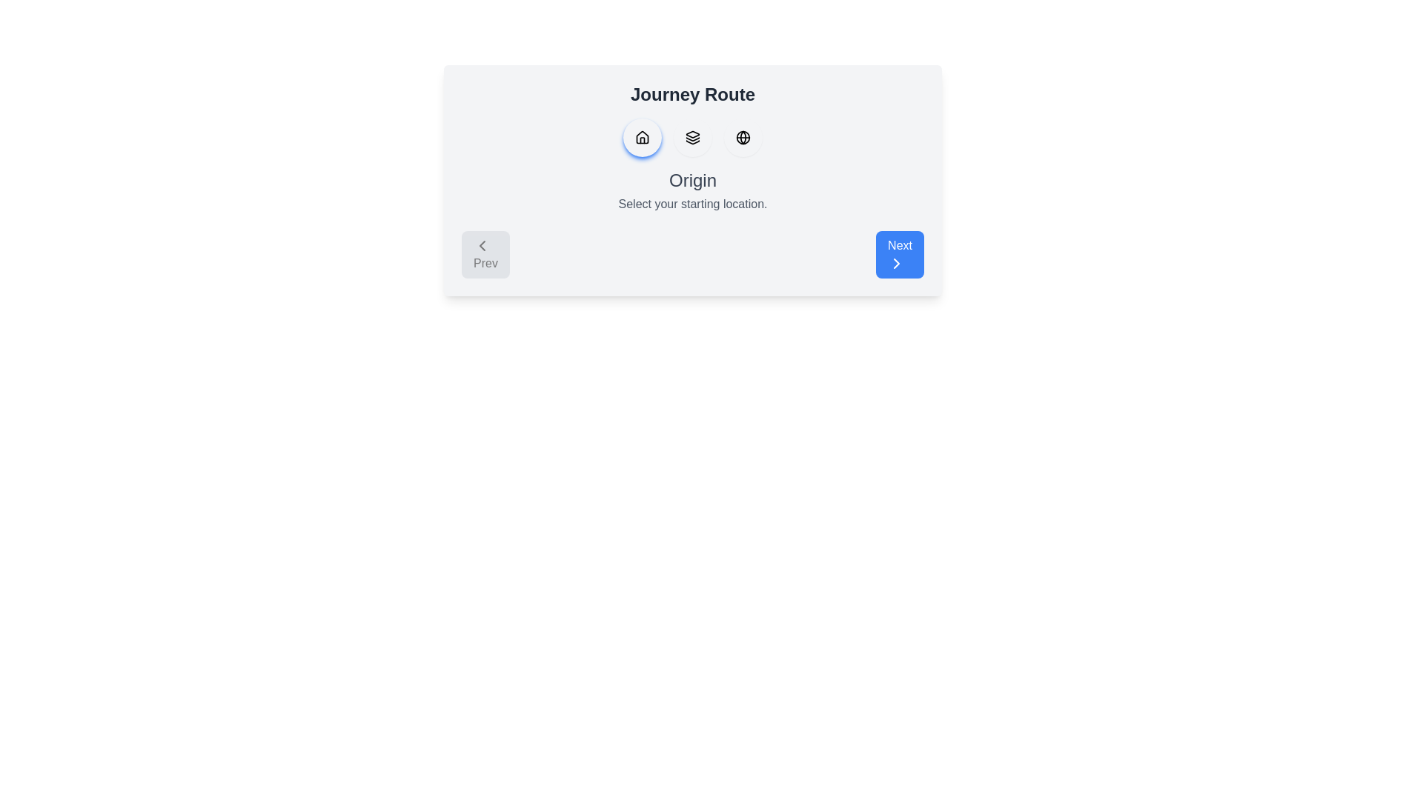 Image resolution: width=1423 pixels, height=800 pixels. Describe the element at coordinates (896, 262) in the screenshot. I see `the chevron icon located inside the blue 'Next' button at the bottom right corner of the primary card interface, which signifies navigation to the next step` at that location.